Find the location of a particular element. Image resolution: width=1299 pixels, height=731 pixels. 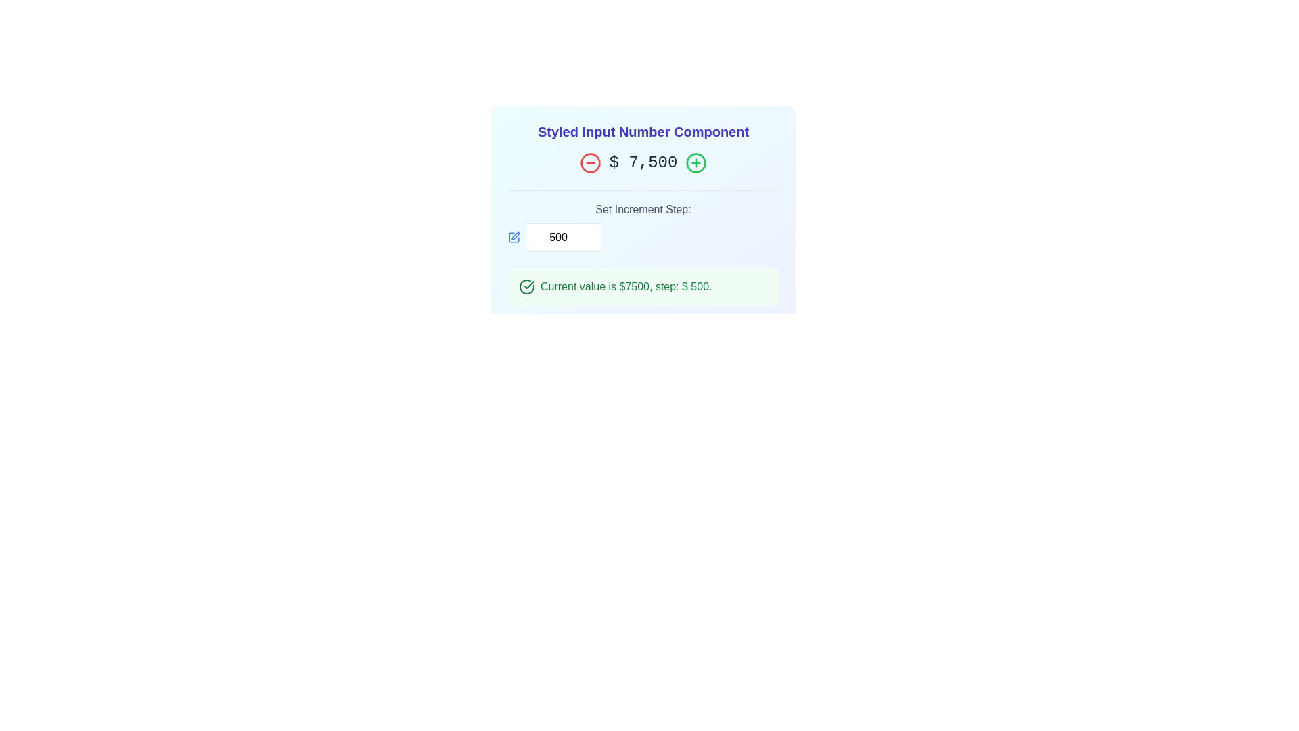

the text label displaying the numeric value '7500', which is styled with a medium-sized green font and located within a green rectangular box, positioned centrally in the lower section of the interface is located at coordinates (637, 286).